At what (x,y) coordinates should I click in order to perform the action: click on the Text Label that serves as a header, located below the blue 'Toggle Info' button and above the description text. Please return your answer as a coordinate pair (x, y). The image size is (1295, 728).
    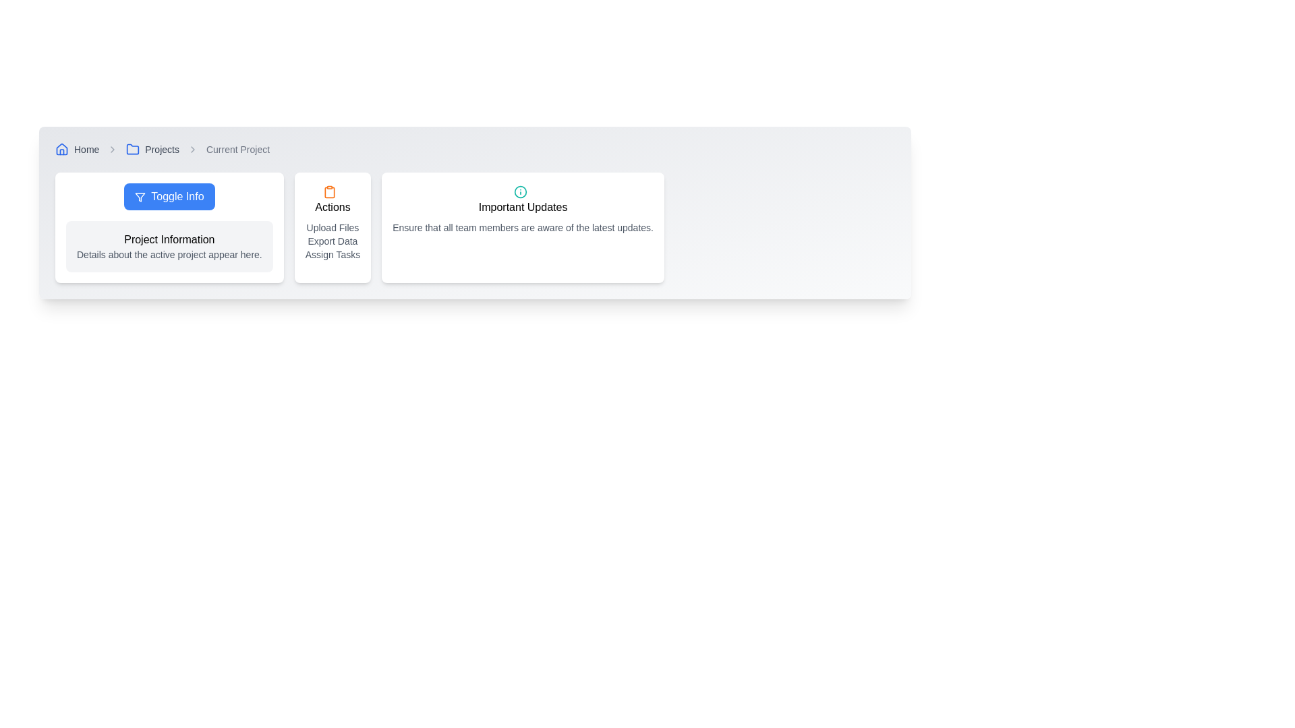
    Looking at the image, I should click on (169, 239).